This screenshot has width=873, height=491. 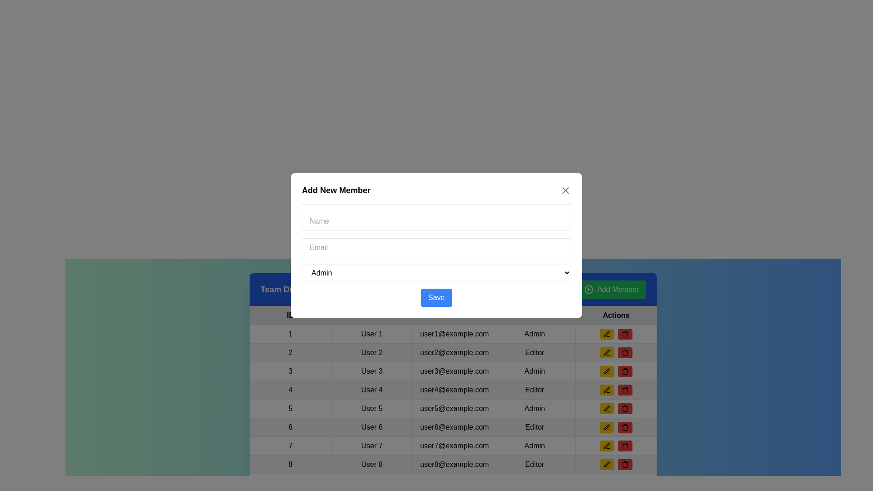 I want to click on the Trash icon button, which is styled as a minimalist trash can, located in the 'Actions' column of the table associated with the user data 'User 7' (user7@example.com), so click(x=624, y=408).